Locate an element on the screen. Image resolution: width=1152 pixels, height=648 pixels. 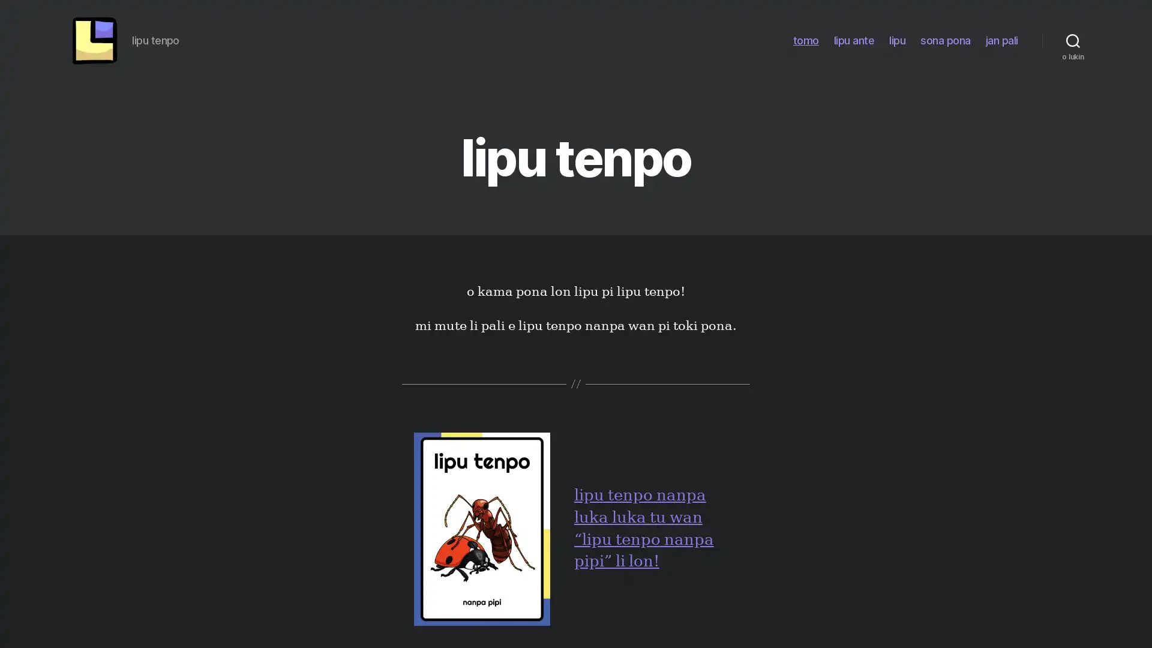
o lukin is located at coordinates (1073, 43).